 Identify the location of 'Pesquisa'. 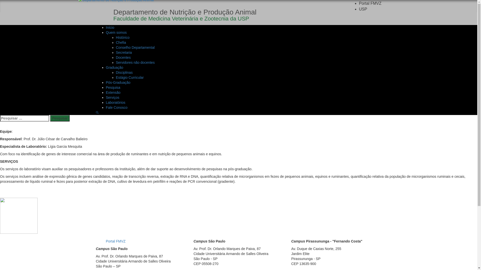
(113, 87).